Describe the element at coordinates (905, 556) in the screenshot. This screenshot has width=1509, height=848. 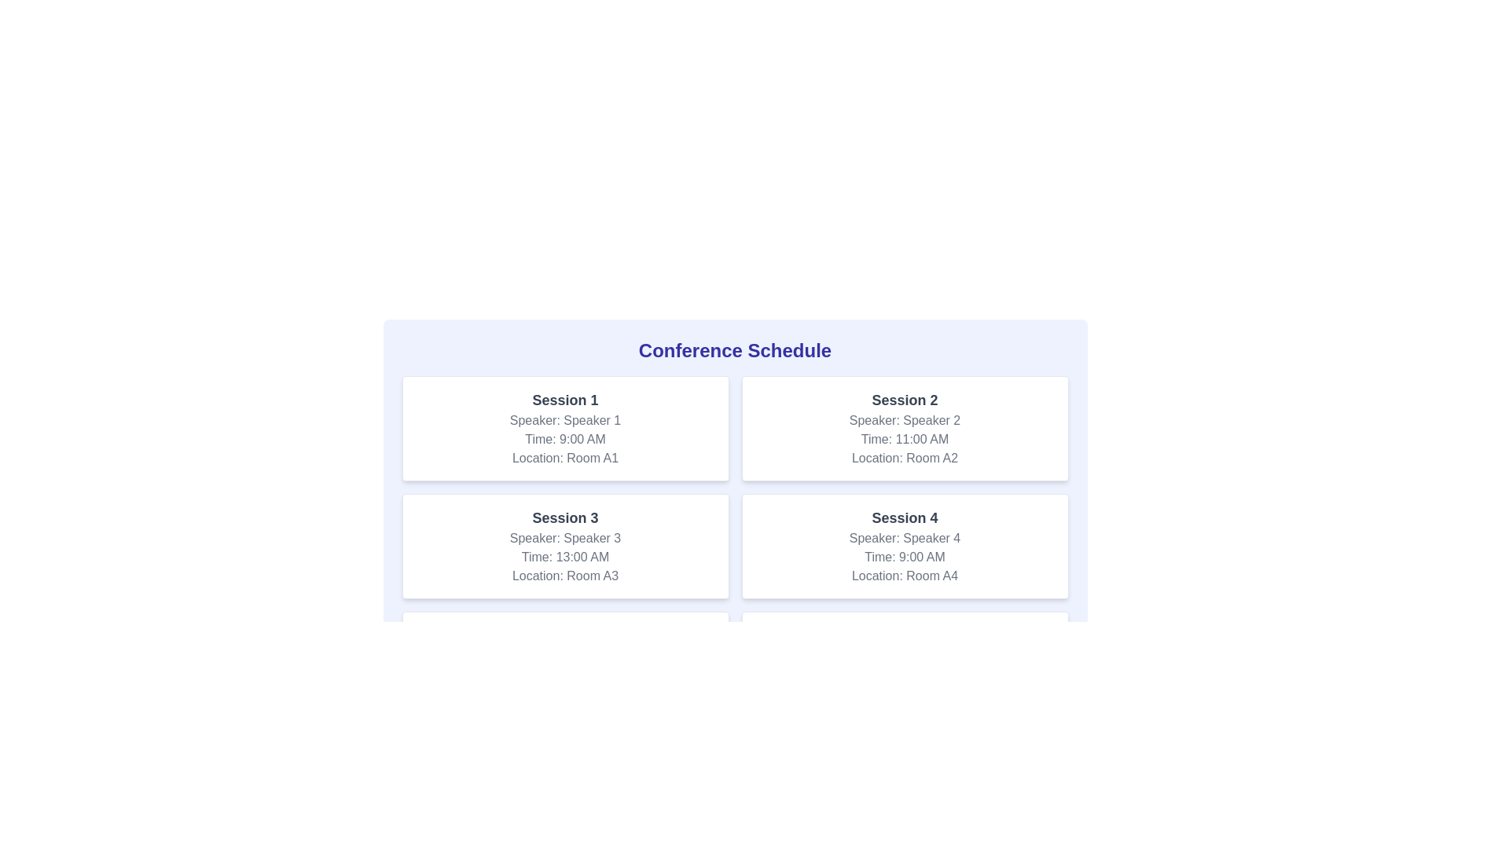
I see `time displayed in the text label showing when 'Session 4' is scheduled to begin, which is located in the bottom-right quadrant of the conference schedule layout, directly below the speaker information` at that location.